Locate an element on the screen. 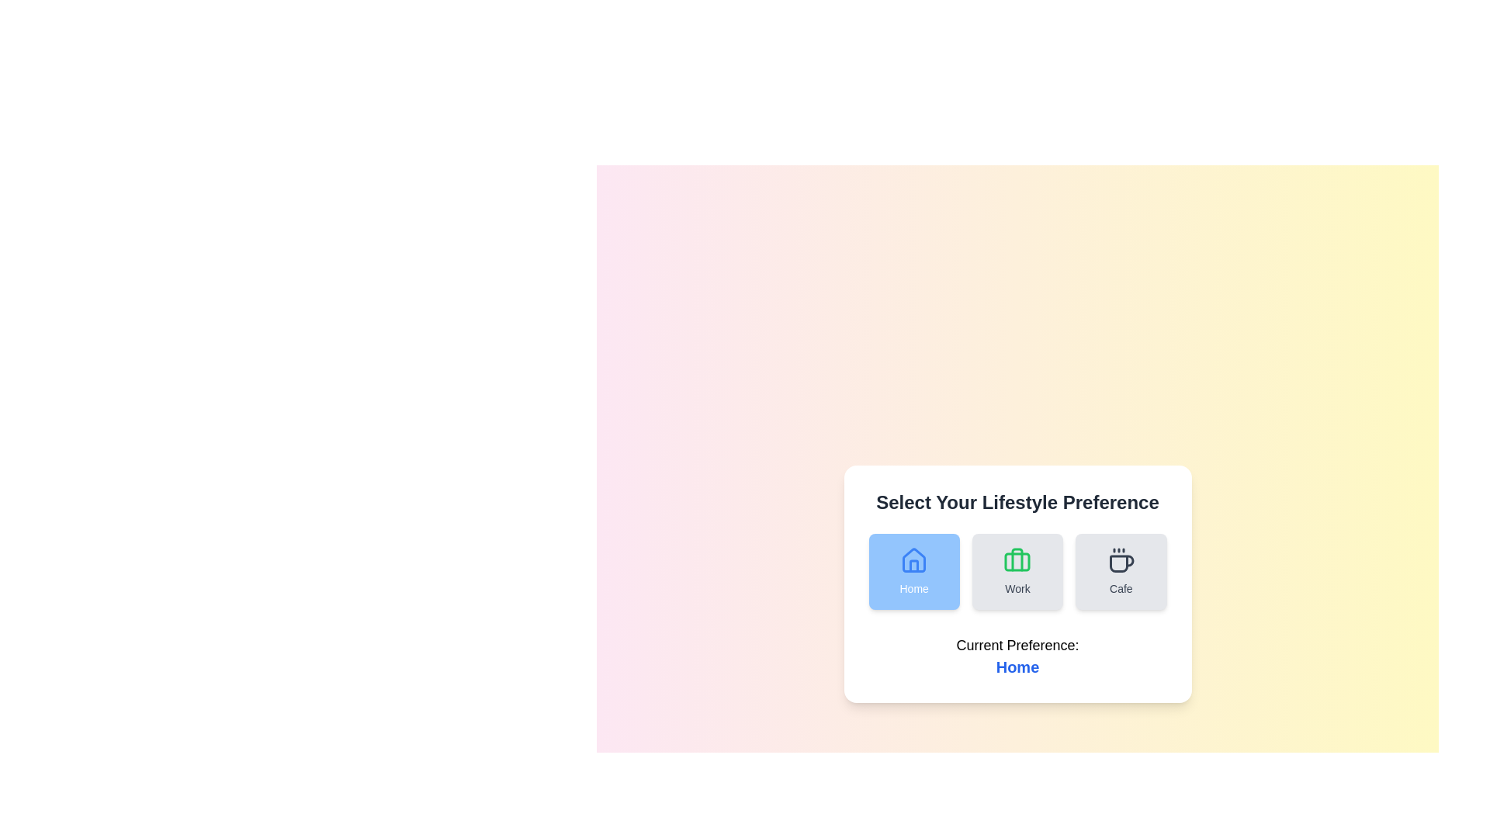 Image resolution: width=1490 pixels, height=838 pixels. the 'Home' button, which is a rectangular button with rounded corners, blue background, and white text, located under the title 'Select Your Lifestyle Preference' is located at coordinates (914, 571).